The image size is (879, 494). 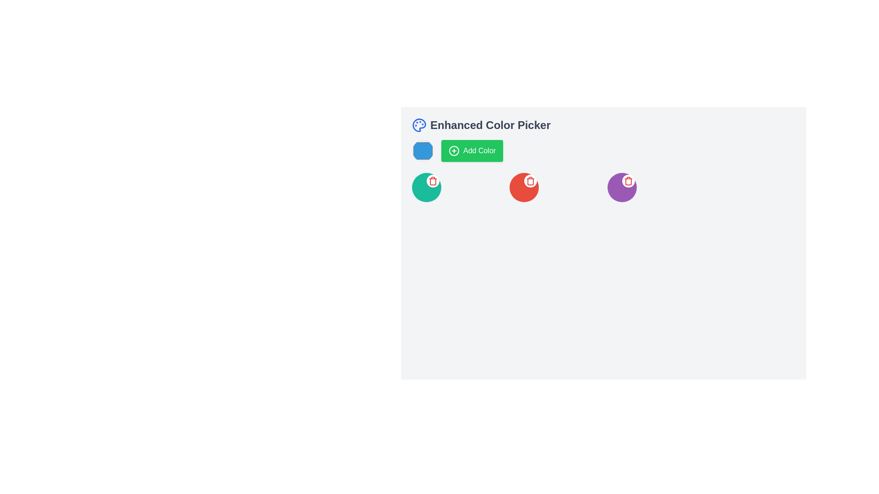 I want to click on the delete button with a trash icon located in the top-right corner of the teal circular area beneath the 'Enhanced Color Picker' interface title, so click(x=432, y=181).